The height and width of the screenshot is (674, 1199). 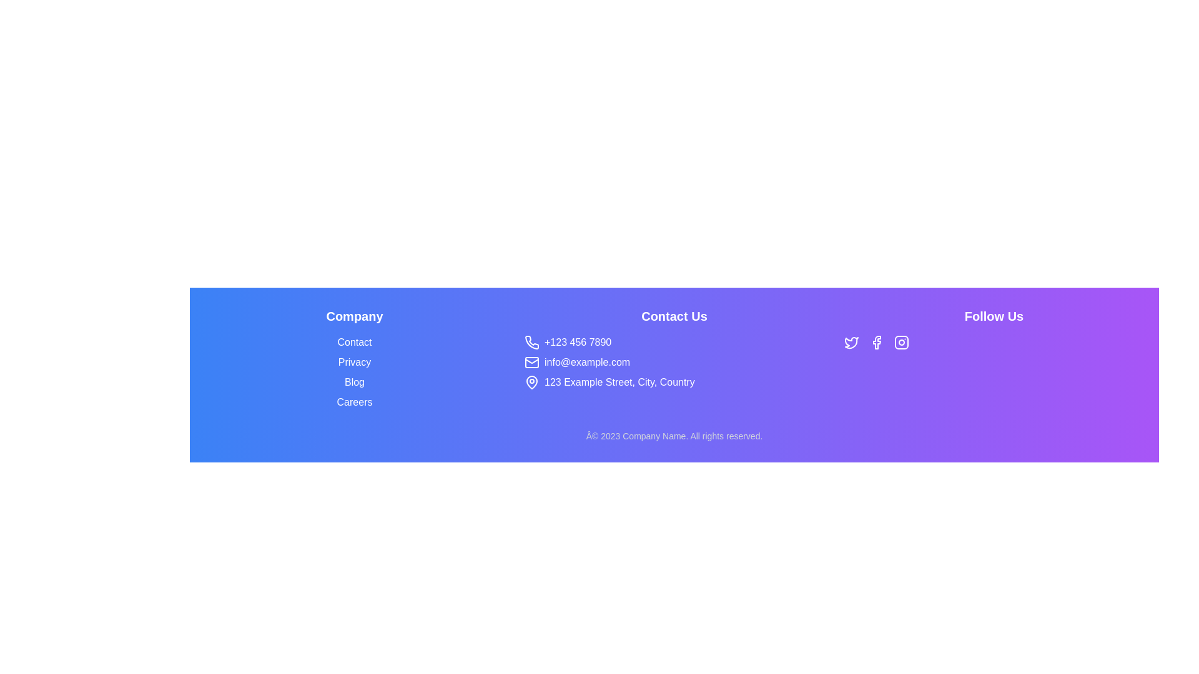 I want to click on the rectangular SVG graphical shape with rounded corners that is part of the envelope icon in the 'Contact Us' section of the footer, so click(x=531, y=363).